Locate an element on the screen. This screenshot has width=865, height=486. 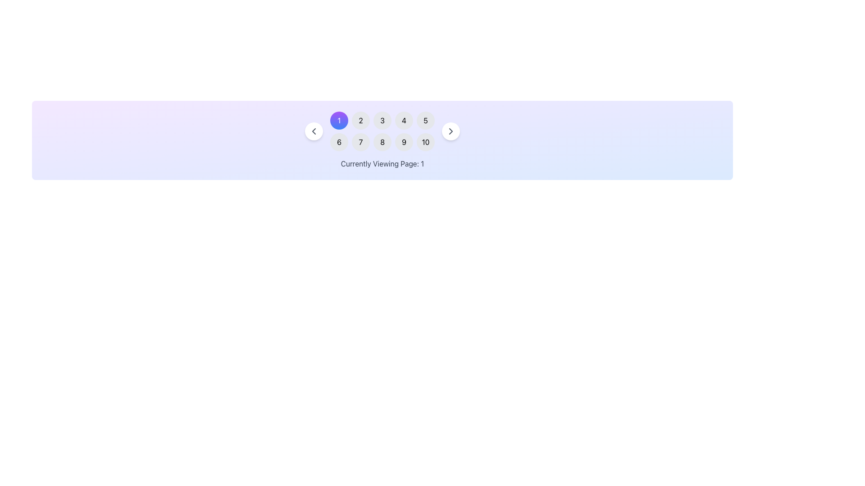
the circular button with a gray background containing the number '7' is located at coordinates (361, 142).